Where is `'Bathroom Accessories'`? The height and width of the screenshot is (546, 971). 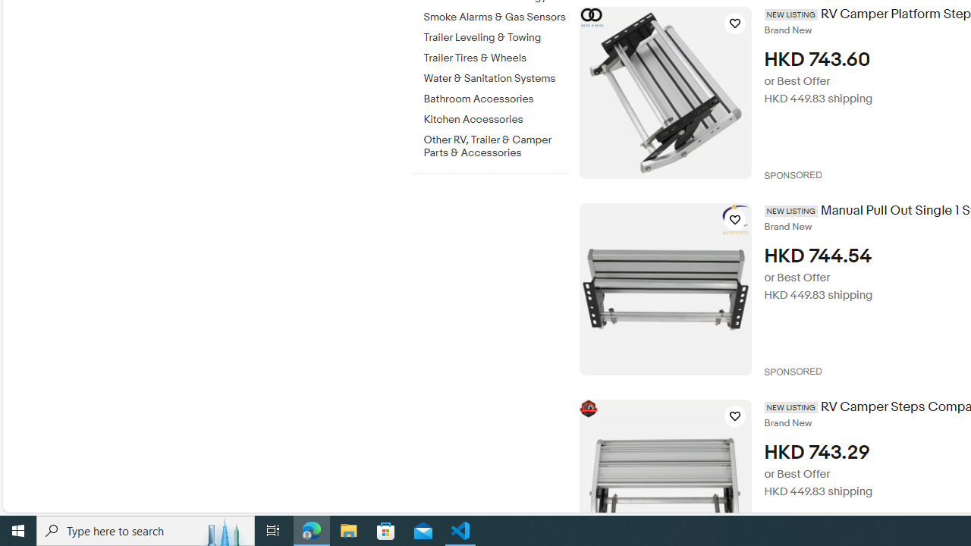 'Bathroom Accessories' is located at coordinates (495, 96).